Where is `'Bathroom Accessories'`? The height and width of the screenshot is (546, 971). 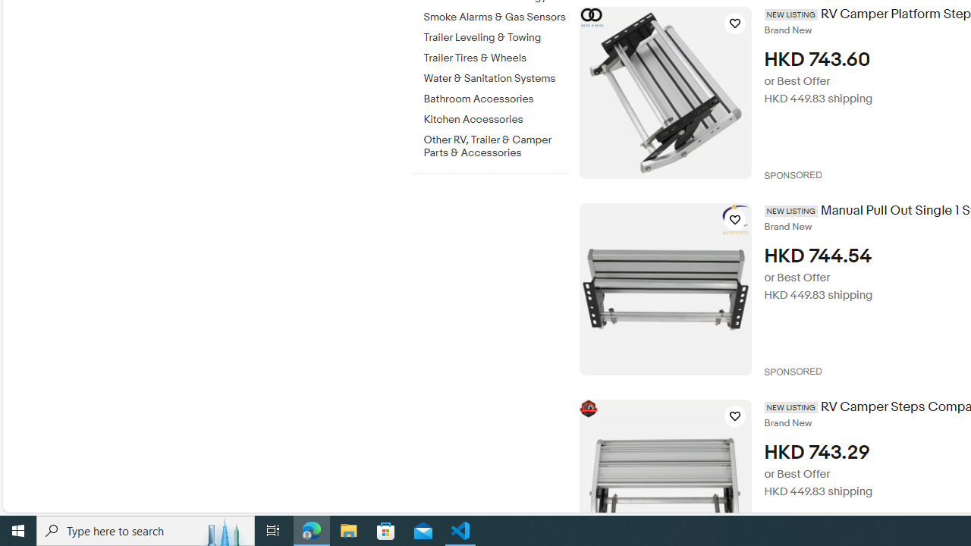 'Bathroom Accessories' is located at coordinates (495, 96).